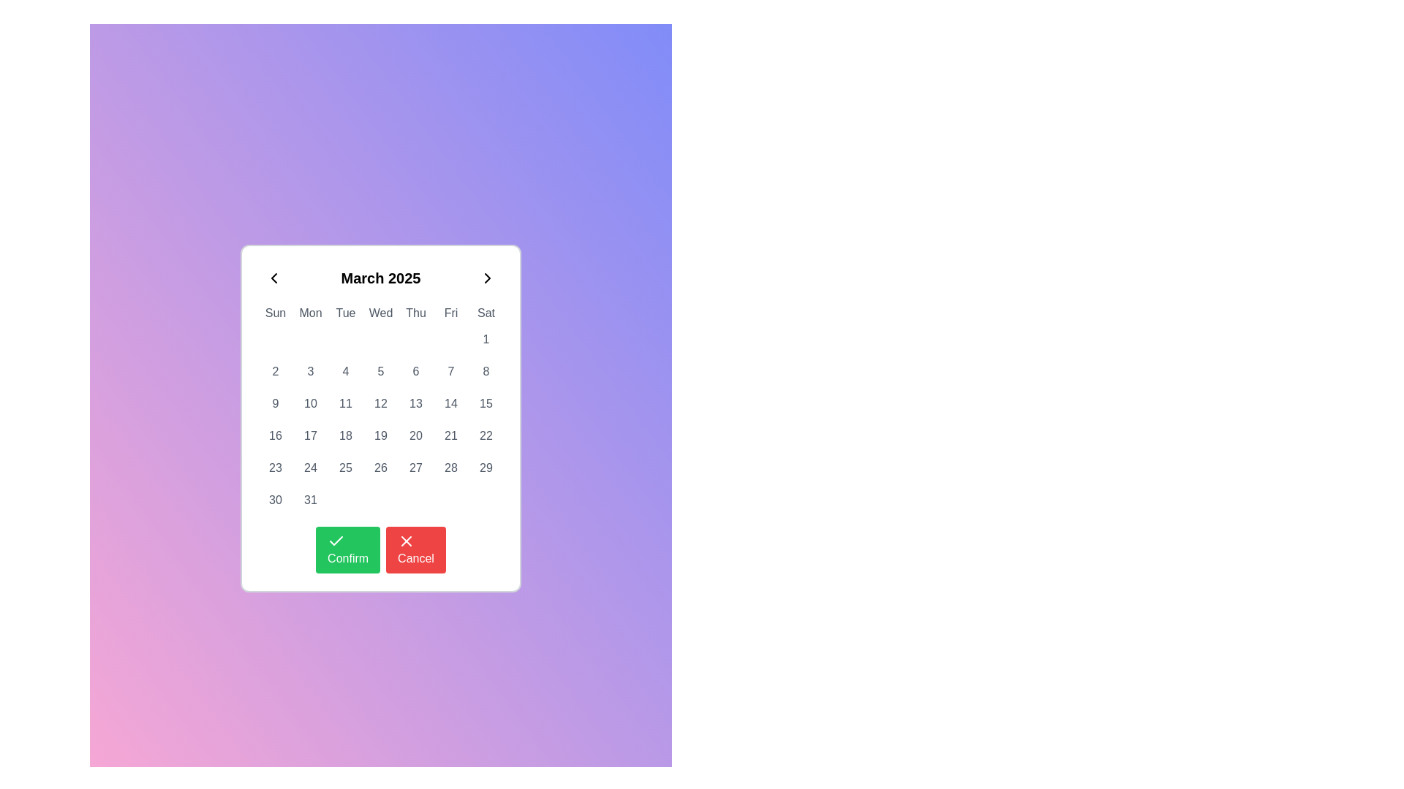 This screenshot has height=789, width=1404. What do you see at coordinates (488, 278) in the screenshot?
I see `the navigational arrow in the calendar interface located at the top-right corner, adjacent to the text 'March 2025'` at bounding box center [488, 278].